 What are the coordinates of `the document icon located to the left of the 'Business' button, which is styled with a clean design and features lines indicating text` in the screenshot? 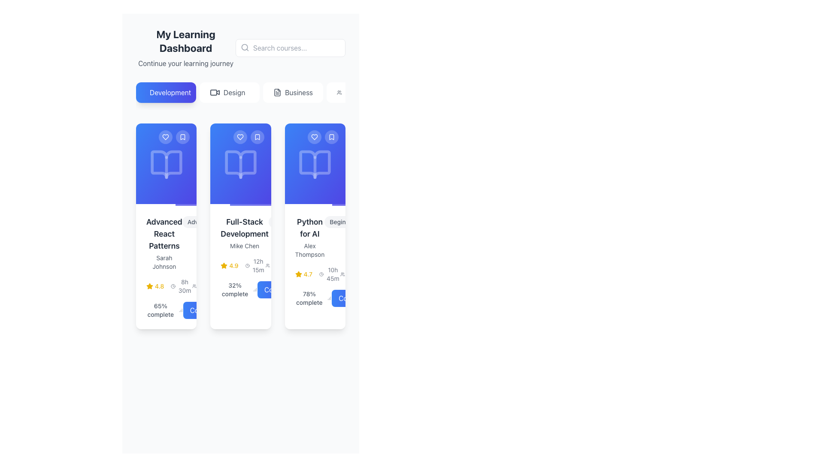 It's located at (277, 93).